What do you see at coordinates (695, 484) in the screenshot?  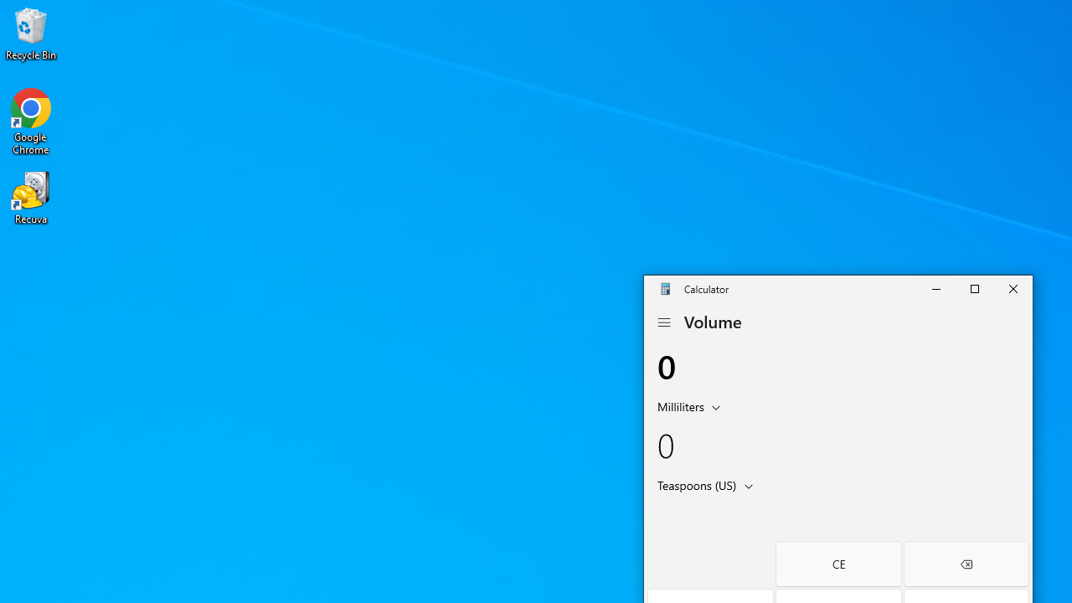 I see `'Teaspoons (US)'` at bounding box center [695, 484].